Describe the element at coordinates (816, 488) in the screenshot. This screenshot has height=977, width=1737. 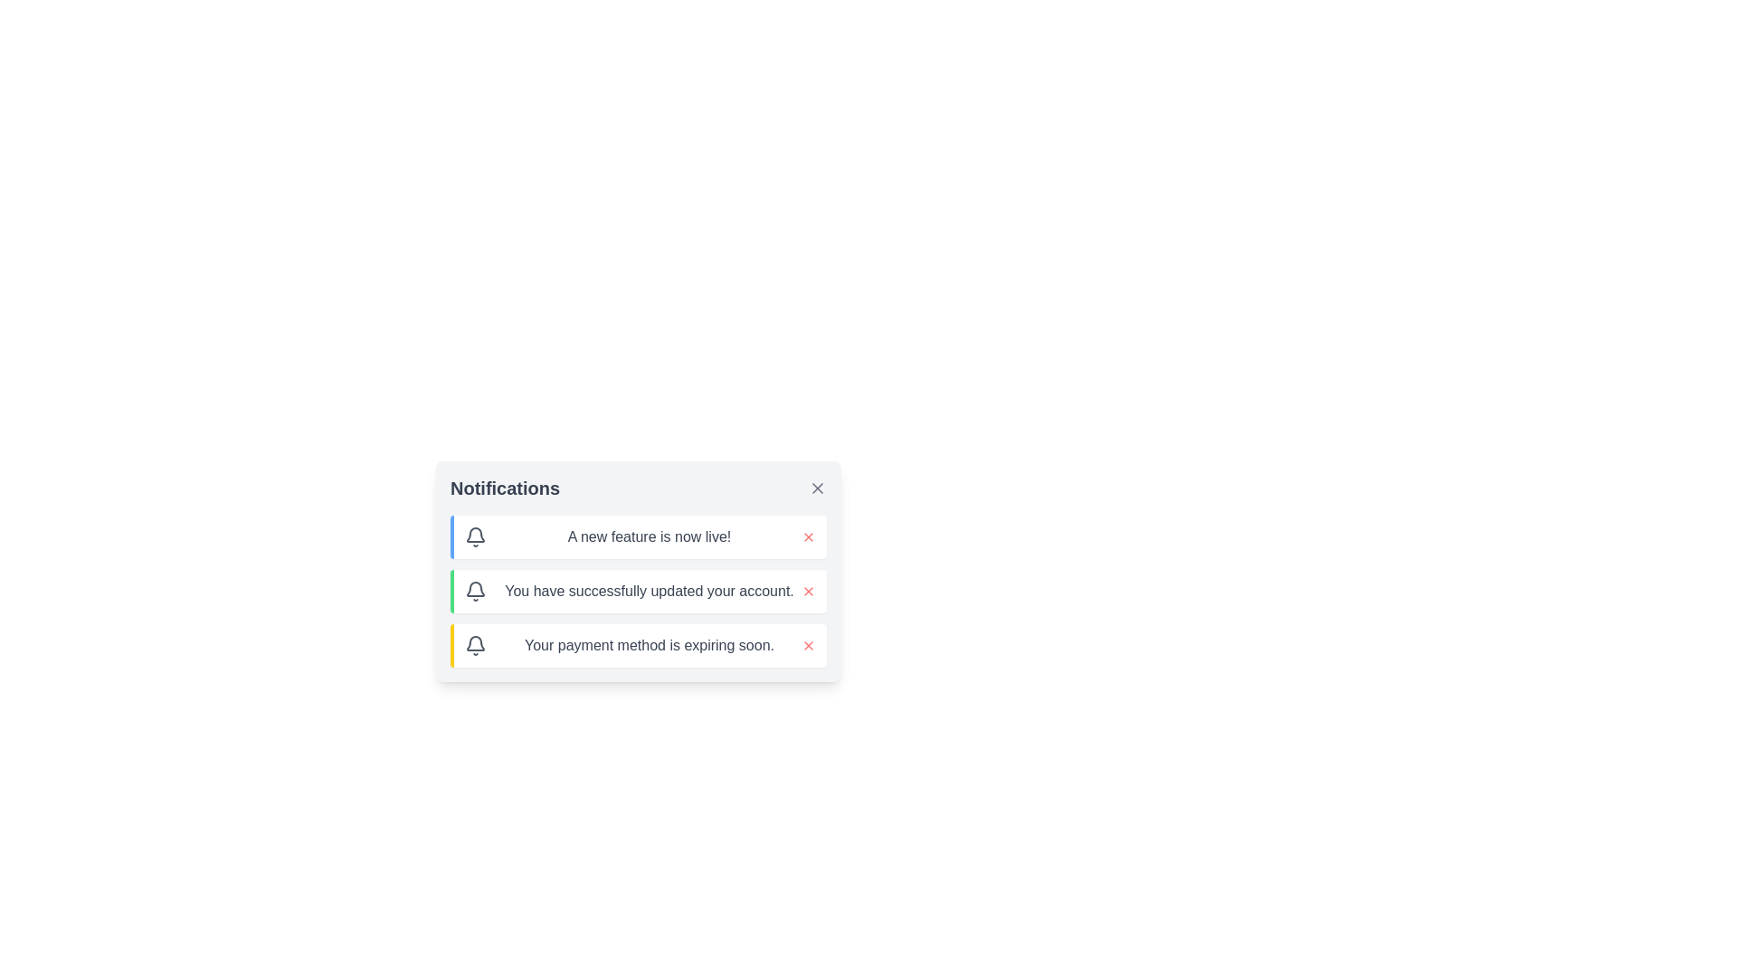
I see `the close button located at the top right corner of the Notifications section header` at that location.